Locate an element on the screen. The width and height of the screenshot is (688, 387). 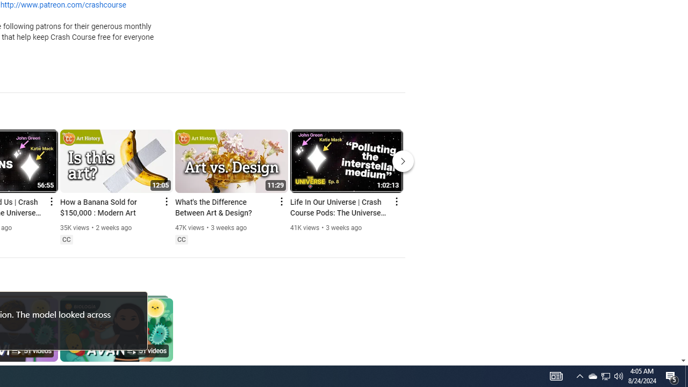
'Action menu' is located at coordinates (396, 202).